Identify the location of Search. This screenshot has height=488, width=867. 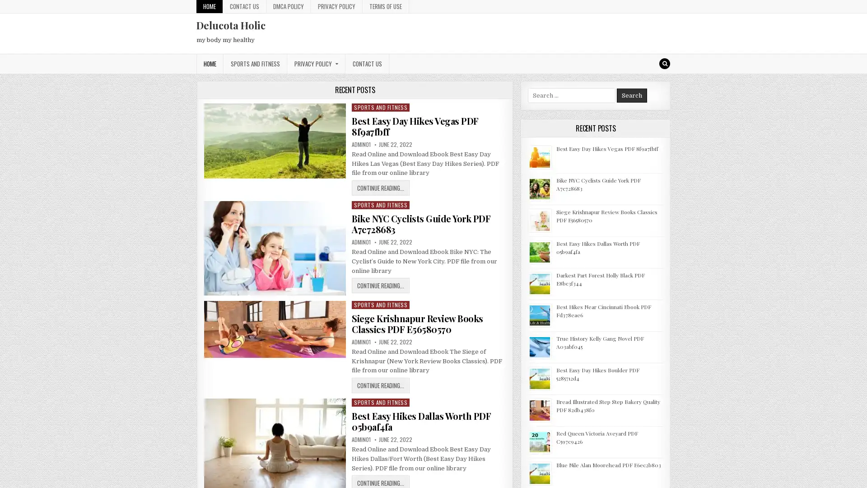
(631, 95).